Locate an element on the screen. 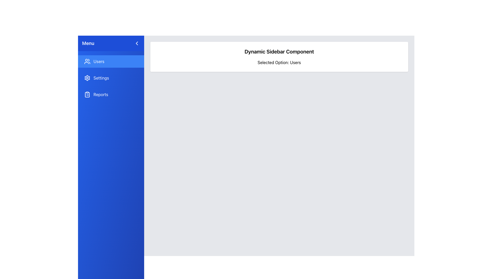 The image size is (496, 279). the clipboard icon with a checklist design, located to the left of the 'Reports' text is located at coordinates (87, 95).